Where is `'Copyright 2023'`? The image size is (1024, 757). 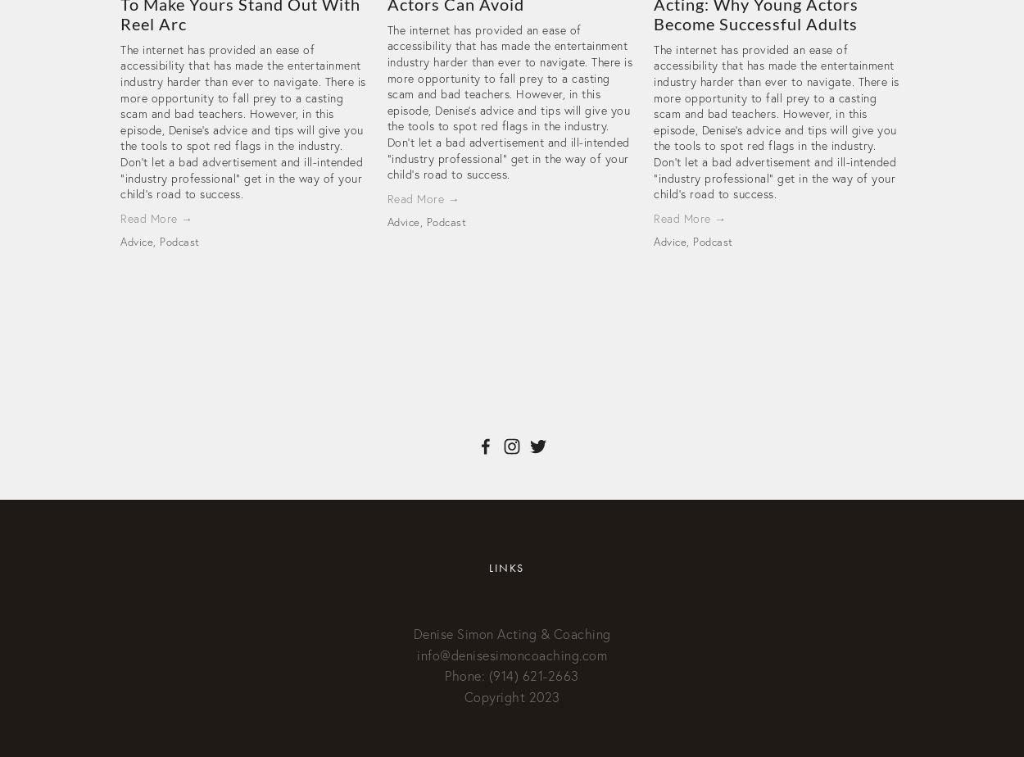 'Copyright 2023' is located at coordinates (510, 696).